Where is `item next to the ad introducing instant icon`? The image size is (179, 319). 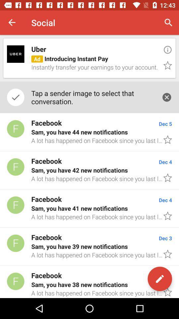
item next to the ad introducing instant icon is located at coordinates (165, 66).